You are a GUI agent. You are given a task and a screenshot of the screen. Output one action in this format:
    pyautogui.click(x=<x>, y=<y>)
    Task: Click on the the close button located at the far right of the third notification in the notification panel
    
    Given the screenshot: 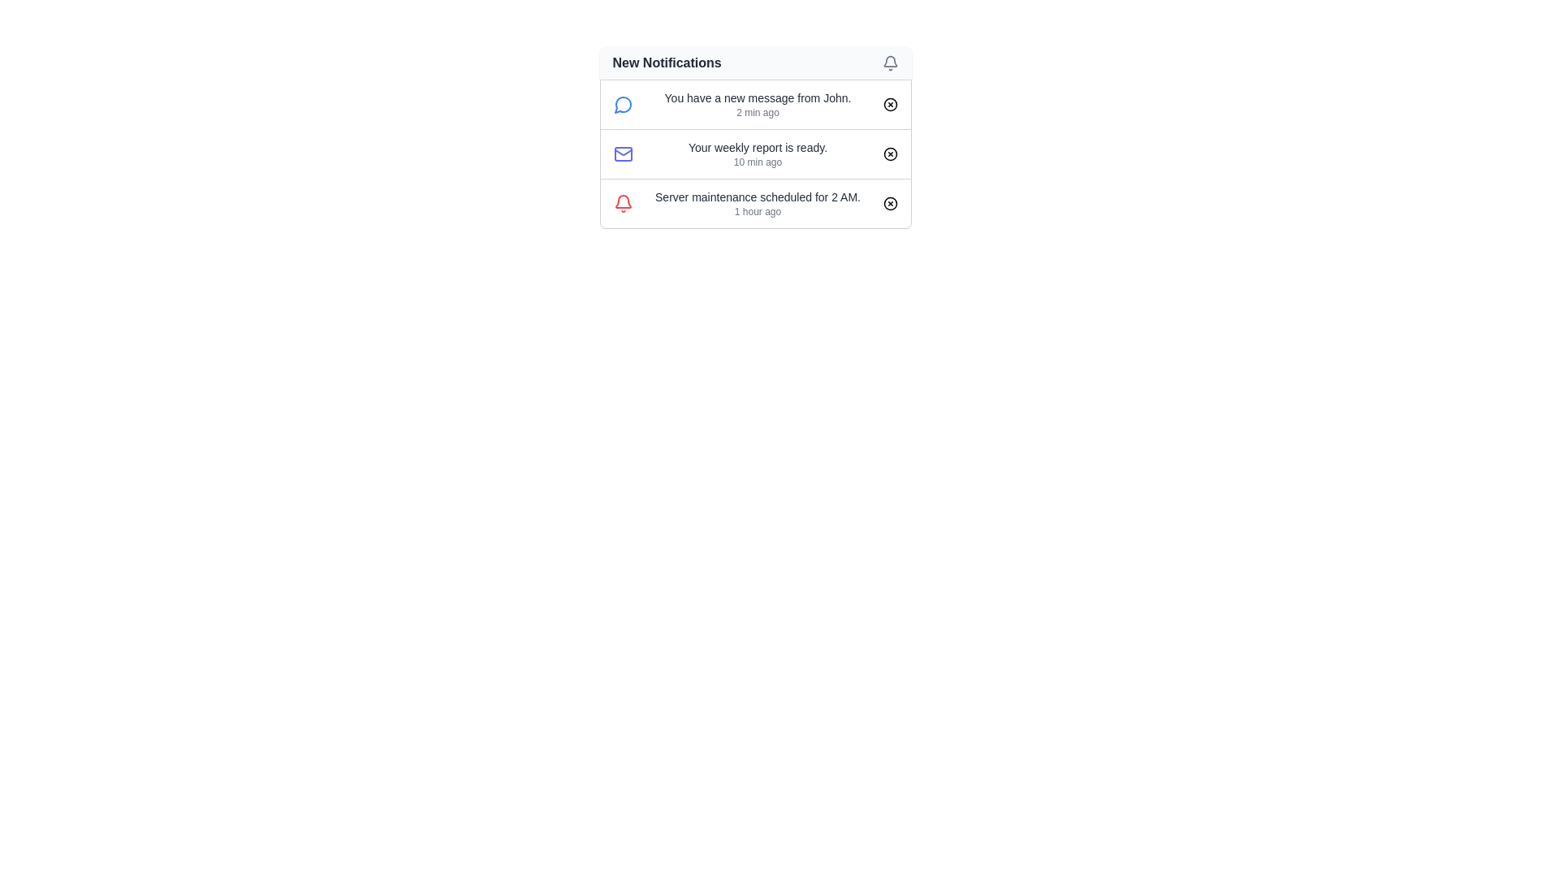 What is the action you would take?
    pyautogui.click(x=889, y=202)
    